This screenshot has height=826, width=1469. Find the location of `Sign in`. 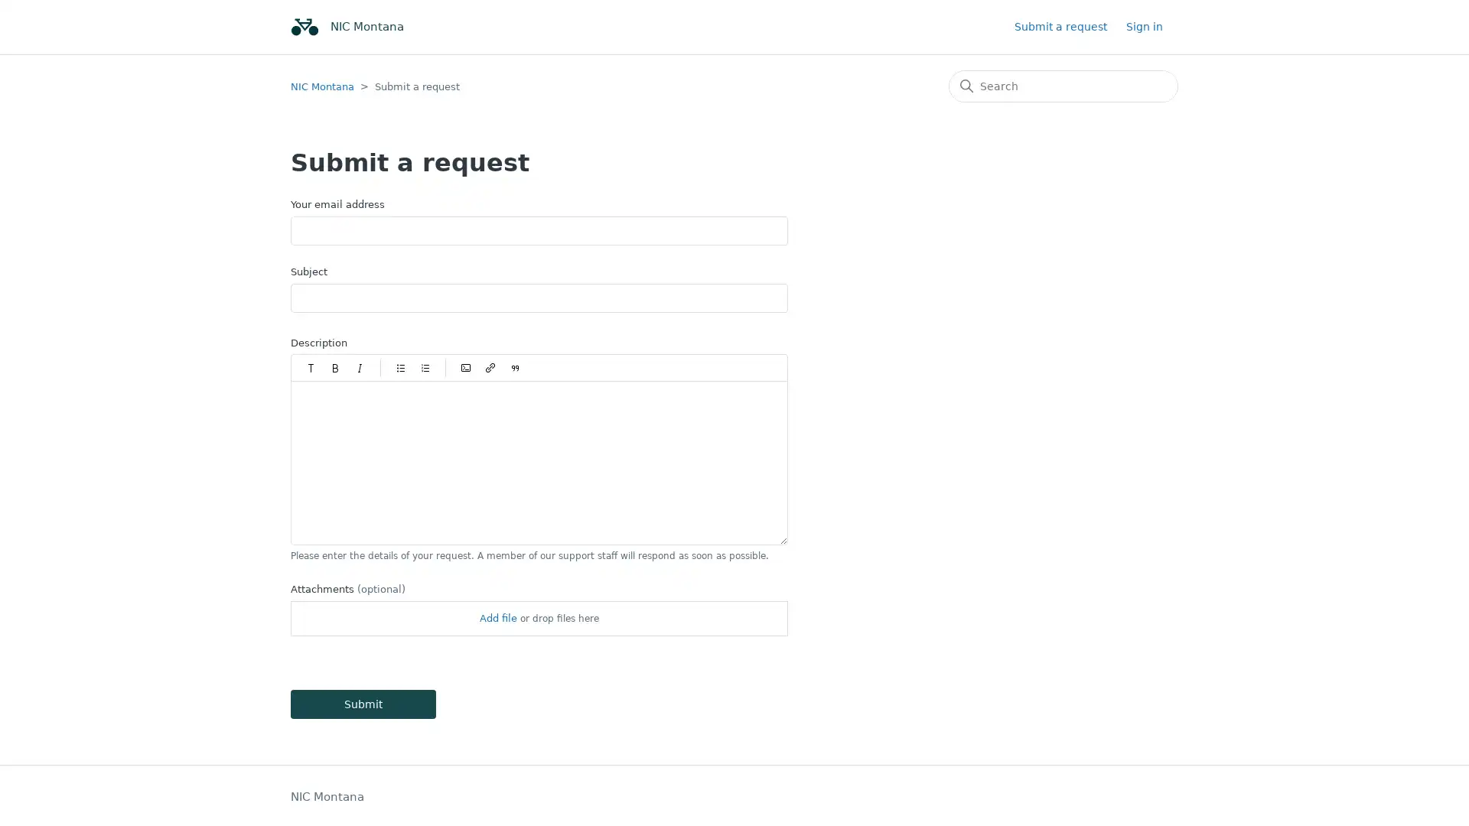

Sign in is located at coordinates (1152, 27).